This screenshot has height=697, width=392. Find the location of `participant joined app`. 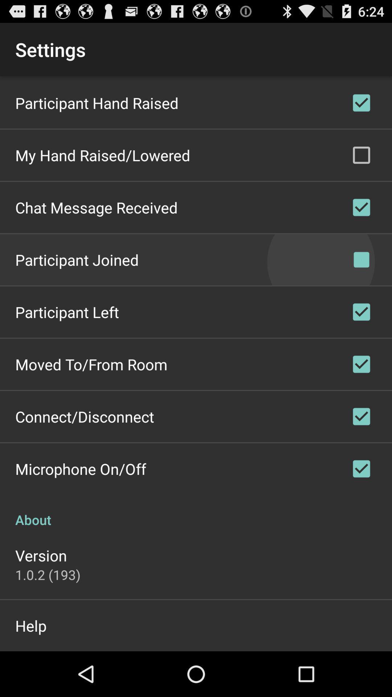

participant joined app is located at coordinates (77, 260).